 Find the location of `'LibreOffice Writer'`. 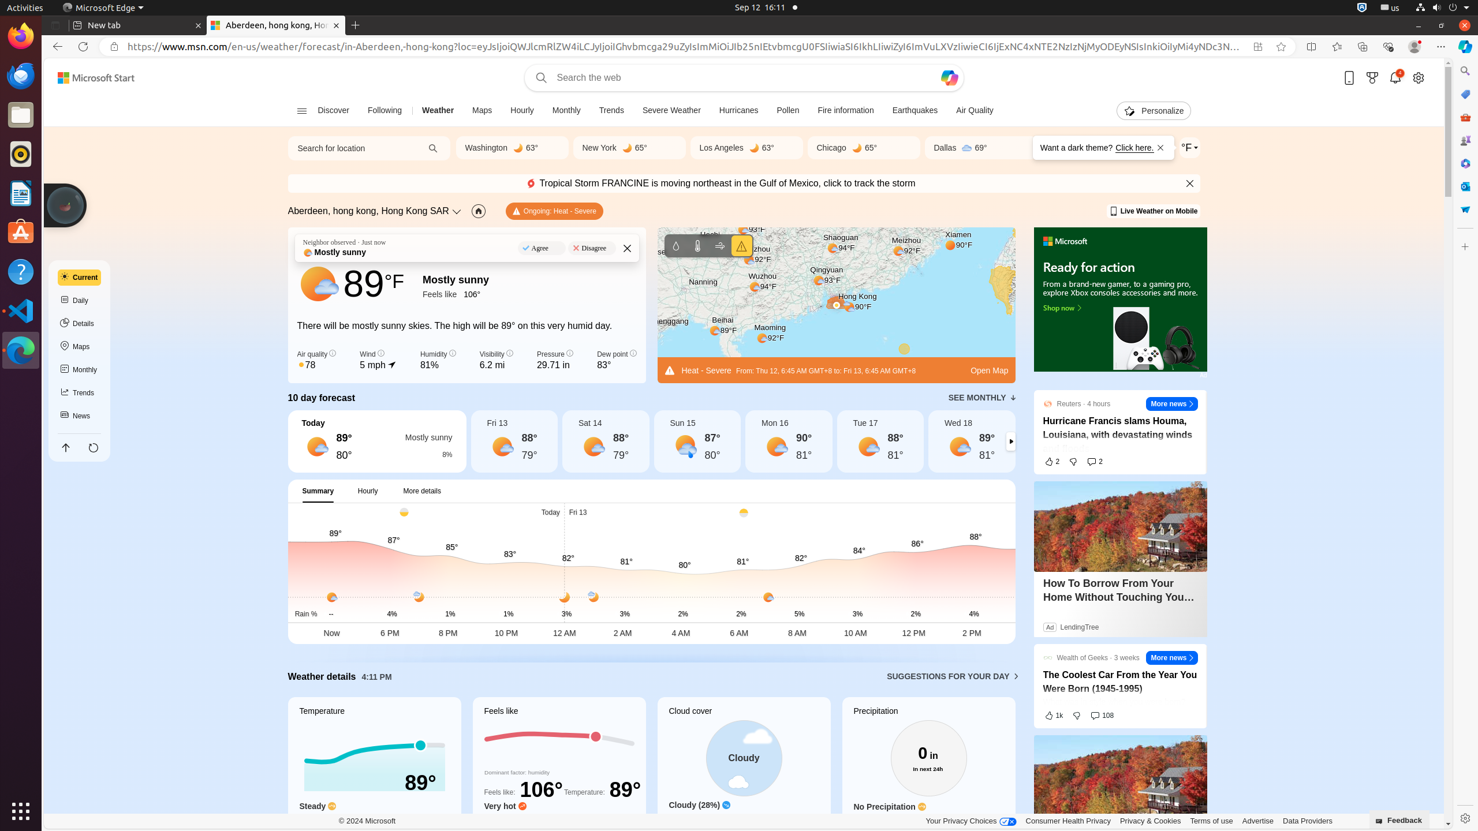

'LibreOffice Writer' is located at coordinates (21, 192).